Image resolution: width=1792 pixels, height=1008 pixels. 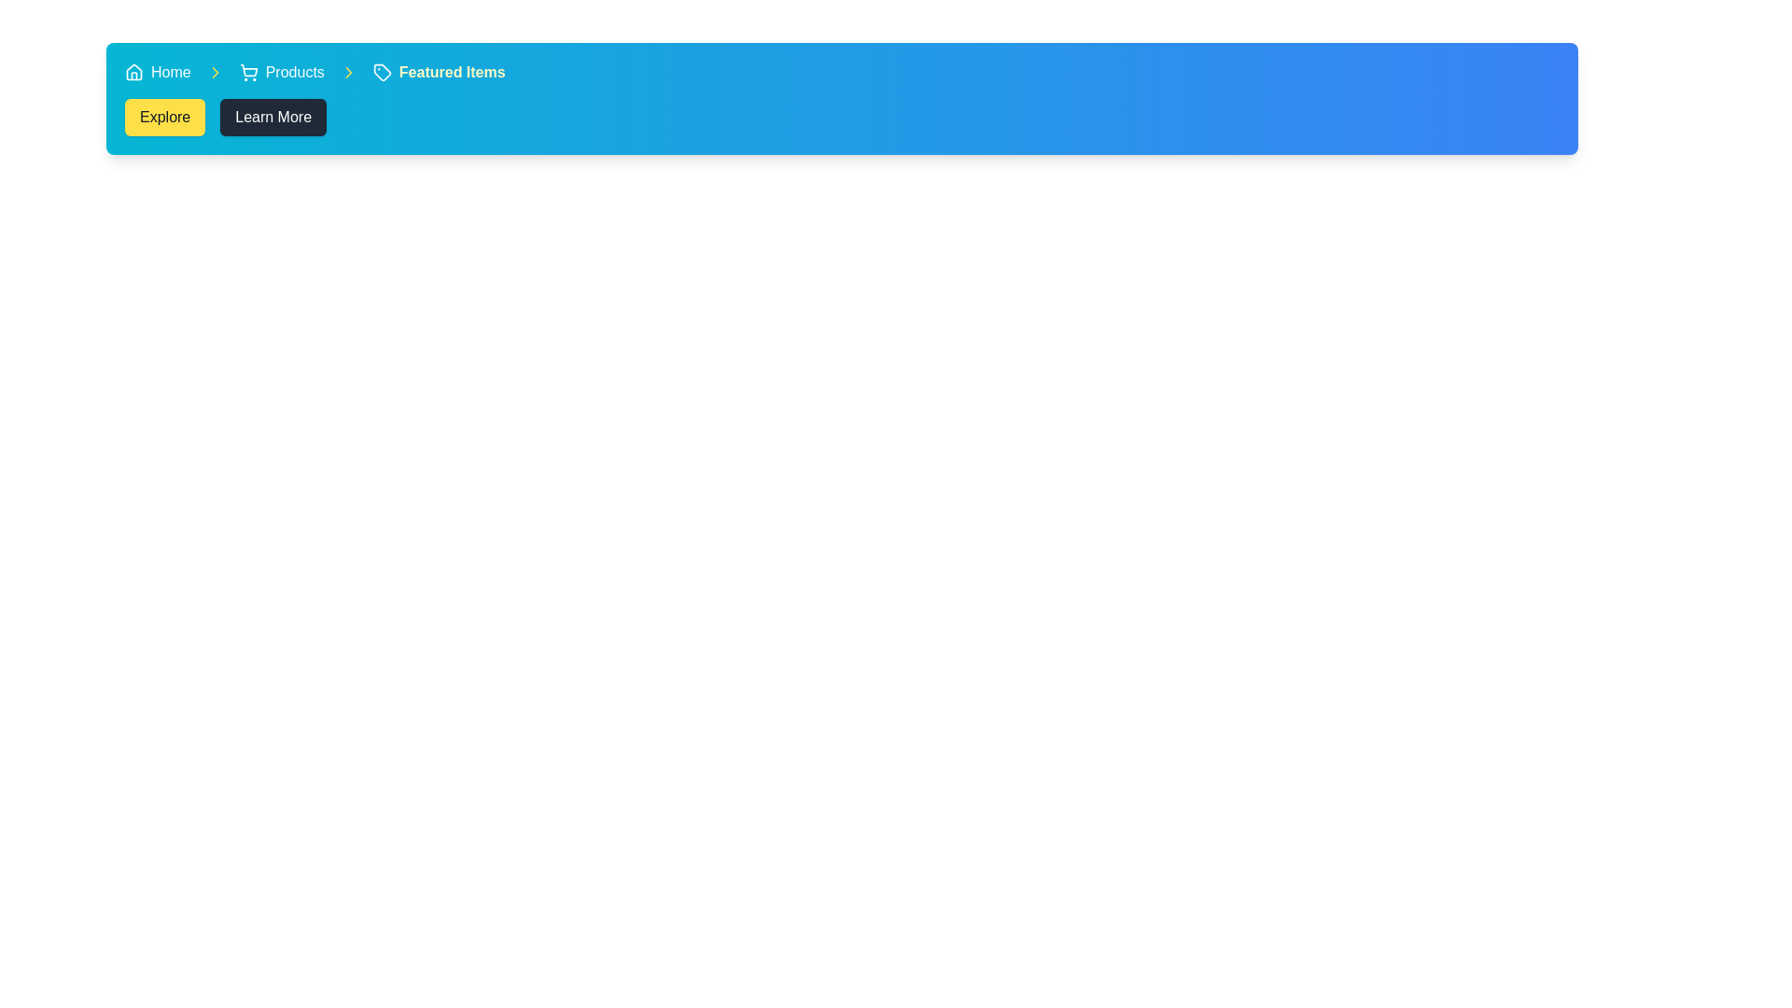 I want to click on the decorative right-facing chevron icon in the breadcrumb navigation bar that separates 'Products' and 'Featured Items', so click(x=348, y=71).